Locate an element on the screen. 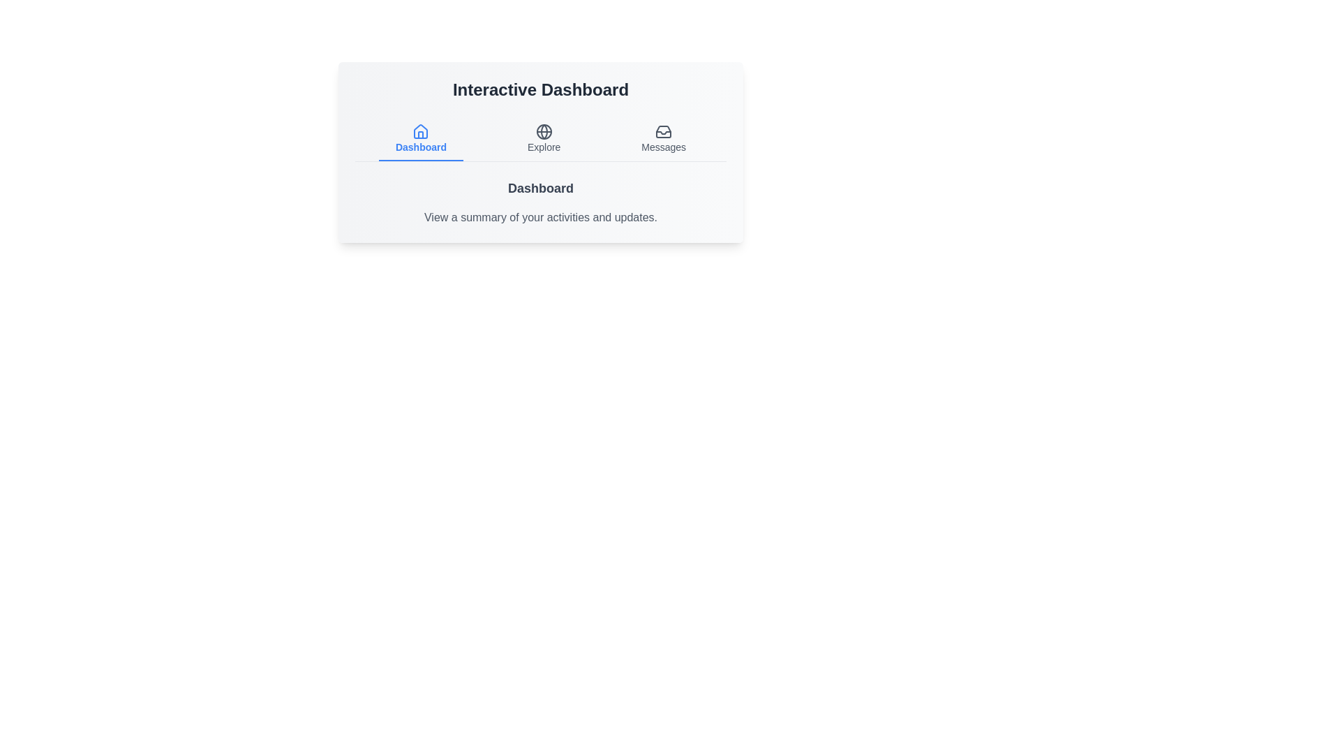 The width and height of the screenshot is (1340, 754). the Dashboard tab to observe the visual transition is located at coordinates (420, 140).